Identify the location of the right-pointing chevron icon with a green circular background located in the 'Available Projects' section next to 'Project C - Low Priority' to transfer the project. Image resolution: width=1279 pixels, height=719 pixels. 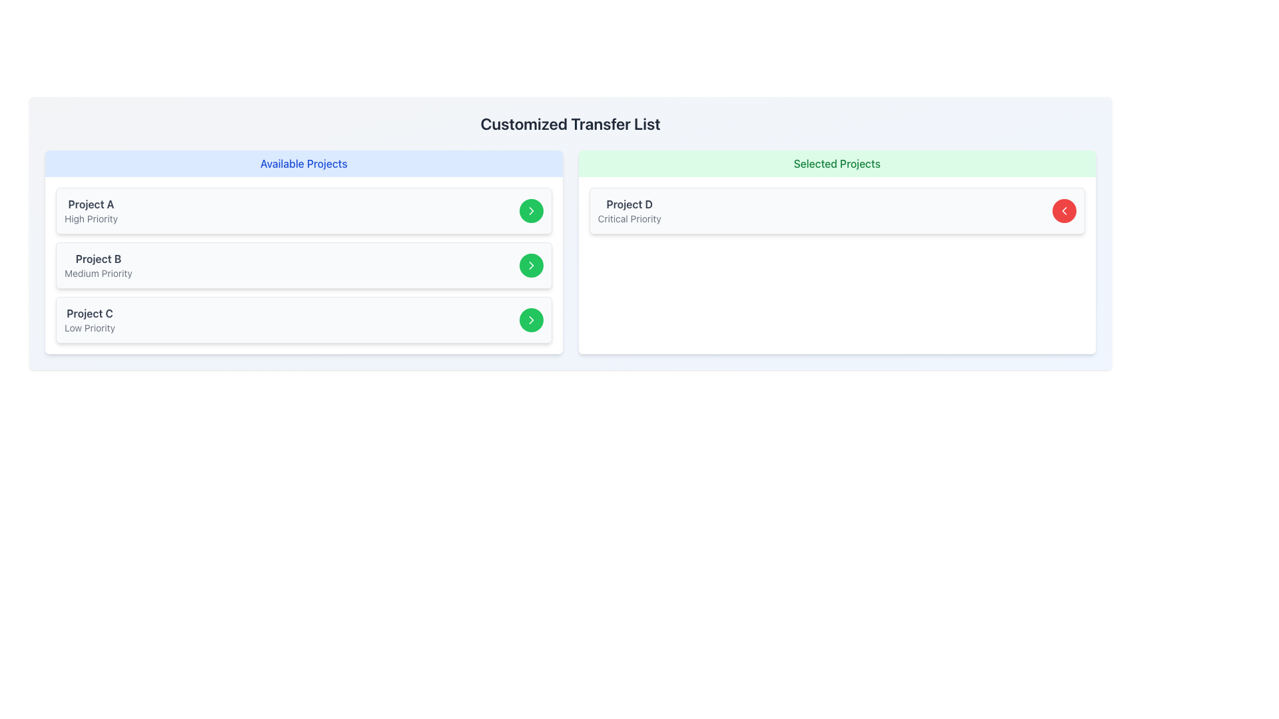
(530, 320).